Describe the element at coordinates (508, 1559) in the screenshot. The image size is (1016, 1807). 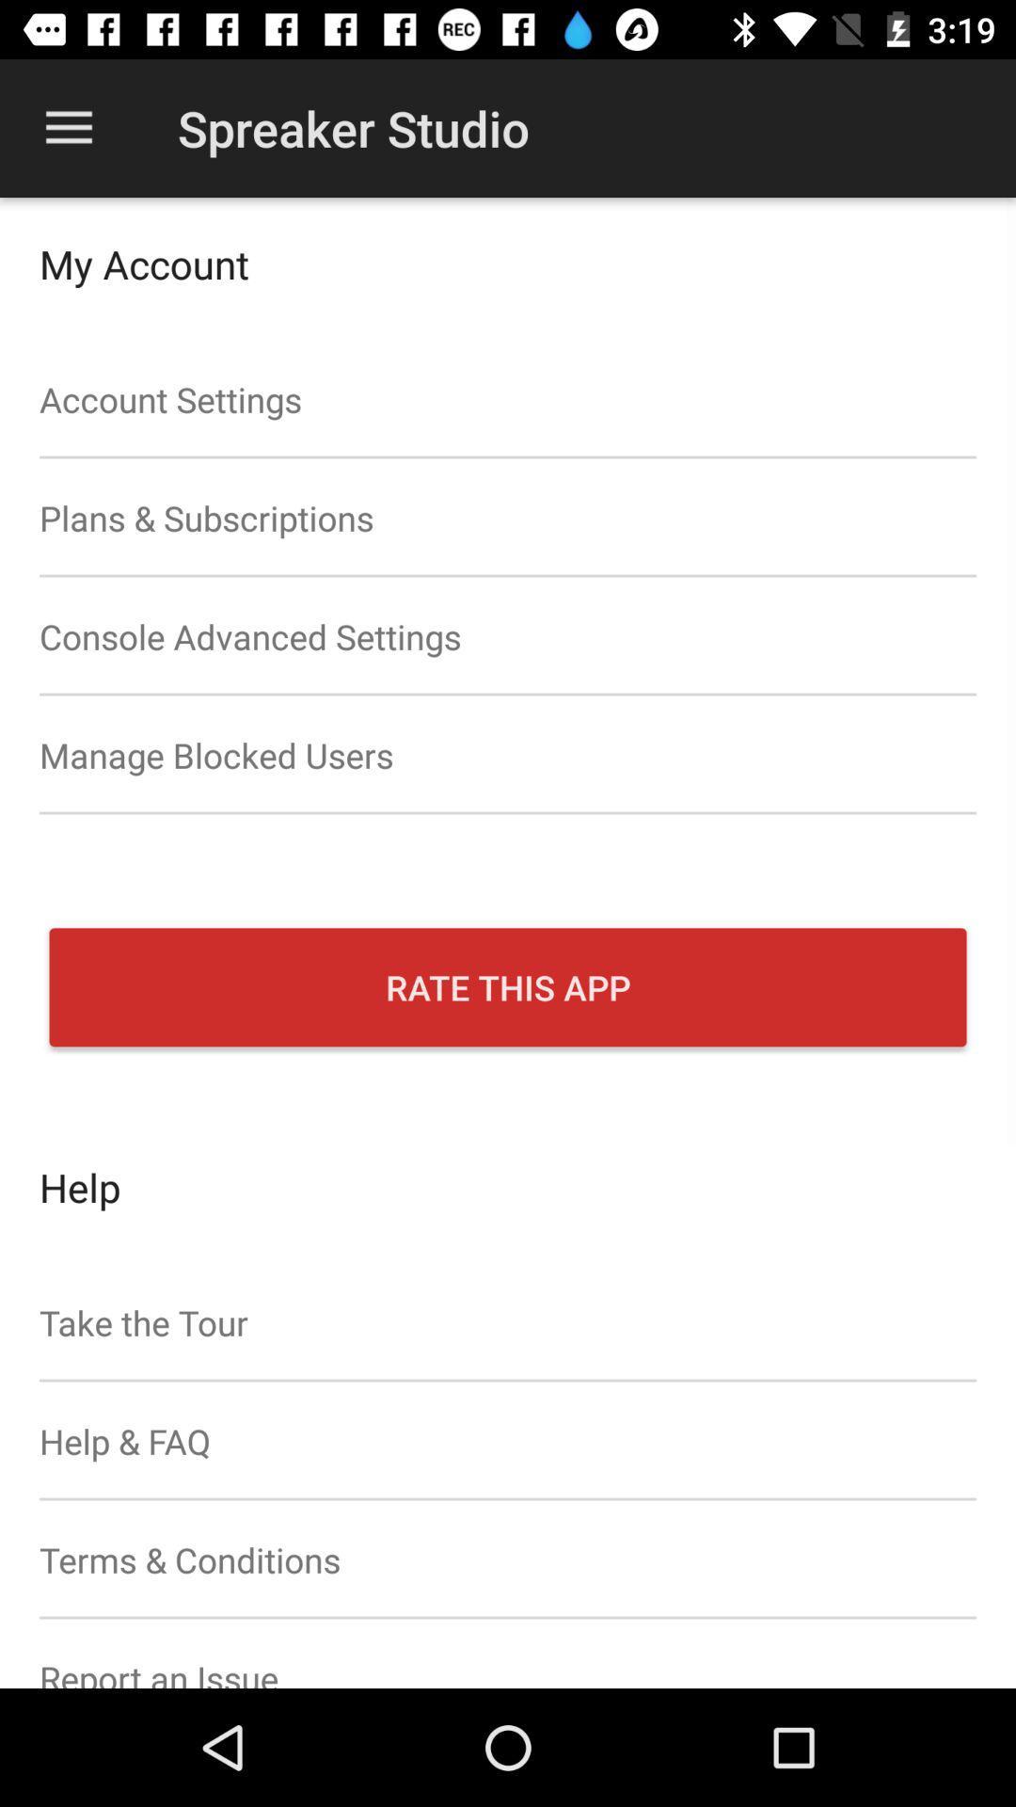
I see `the terms & conditions icon` at that location.